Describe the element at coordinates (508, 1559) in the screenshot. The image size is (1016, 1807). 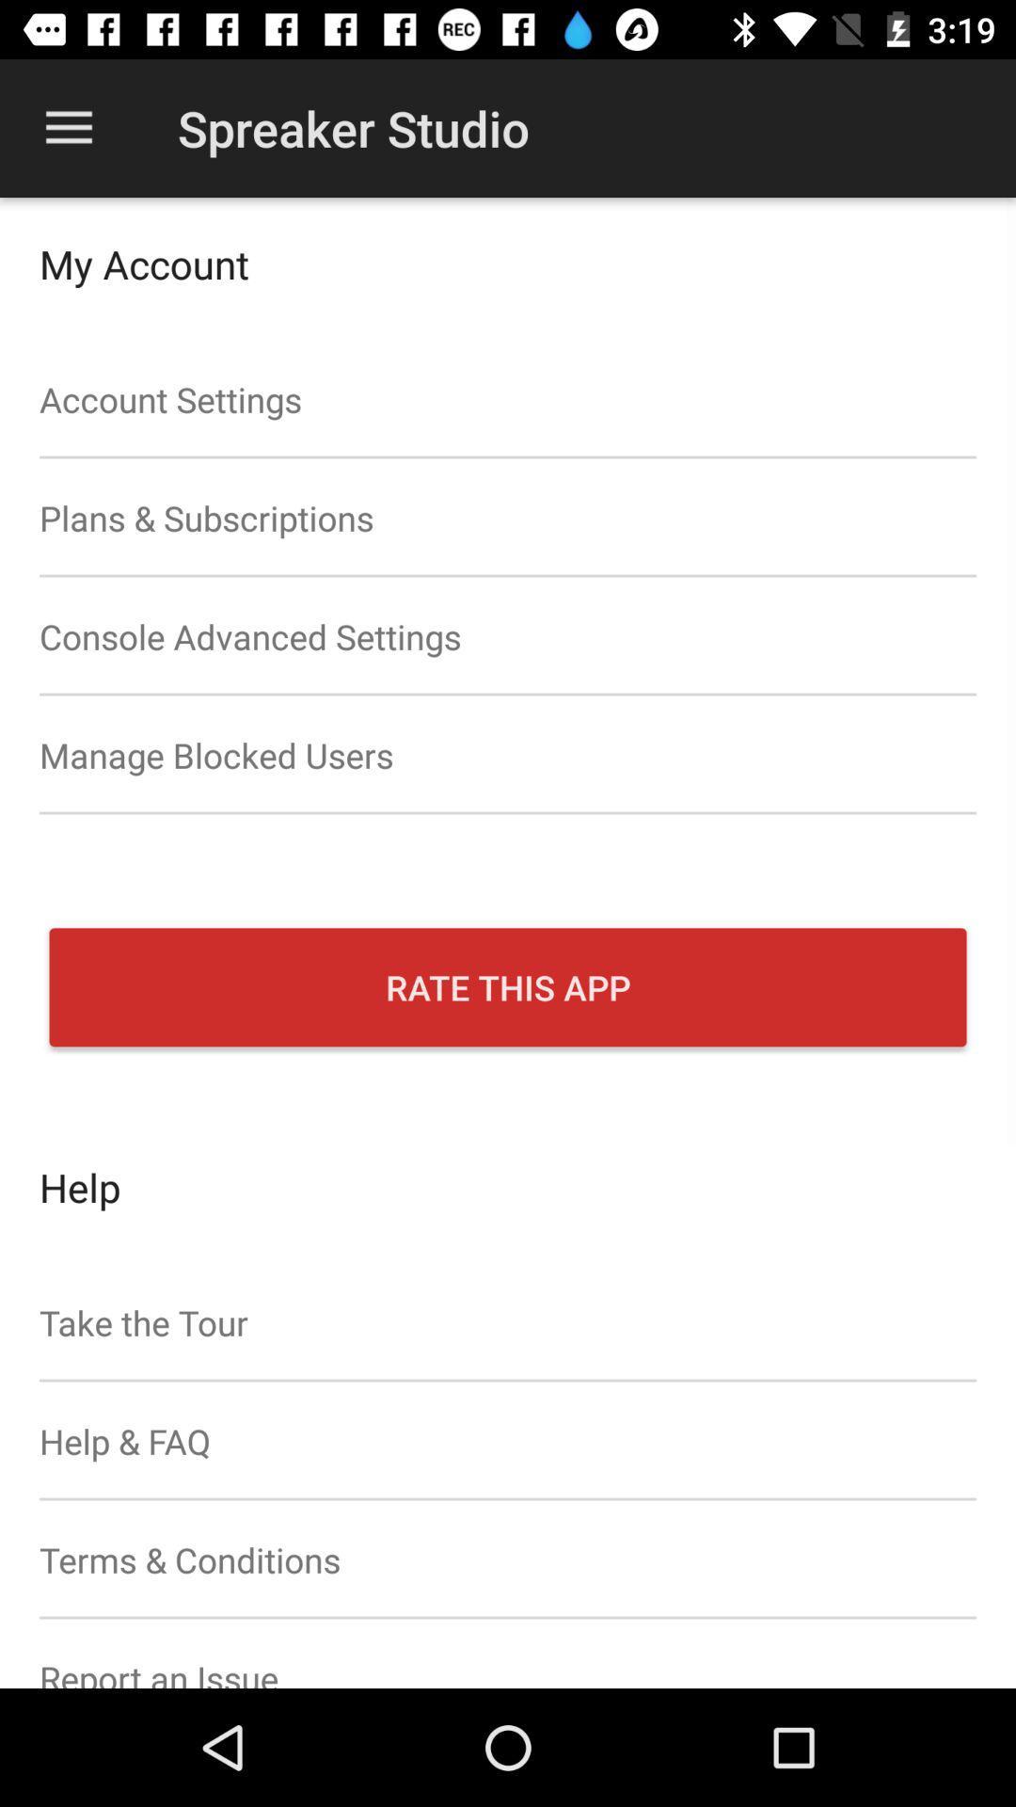
I see `the terms & conditions icon` at that location.